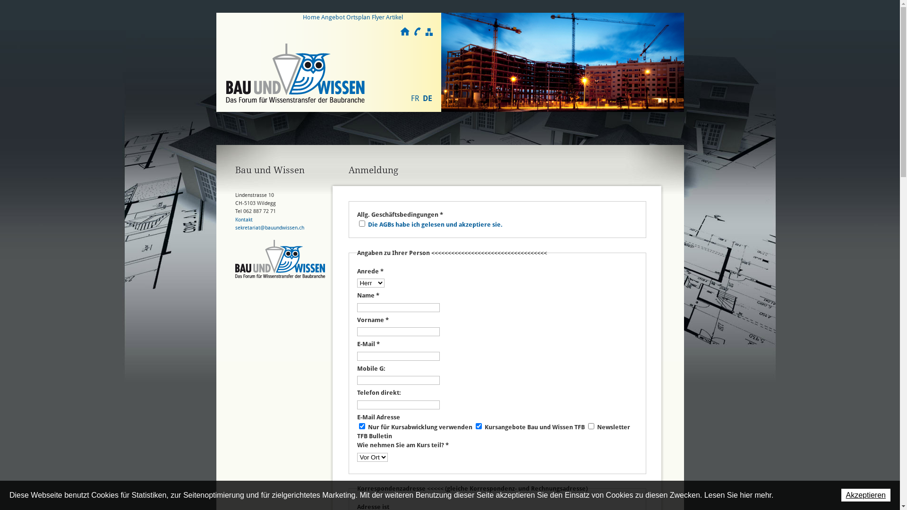 Image resolution: width=907 pixels, height=510 pixels. I want to click on 'Flyer', so click(378, 17).